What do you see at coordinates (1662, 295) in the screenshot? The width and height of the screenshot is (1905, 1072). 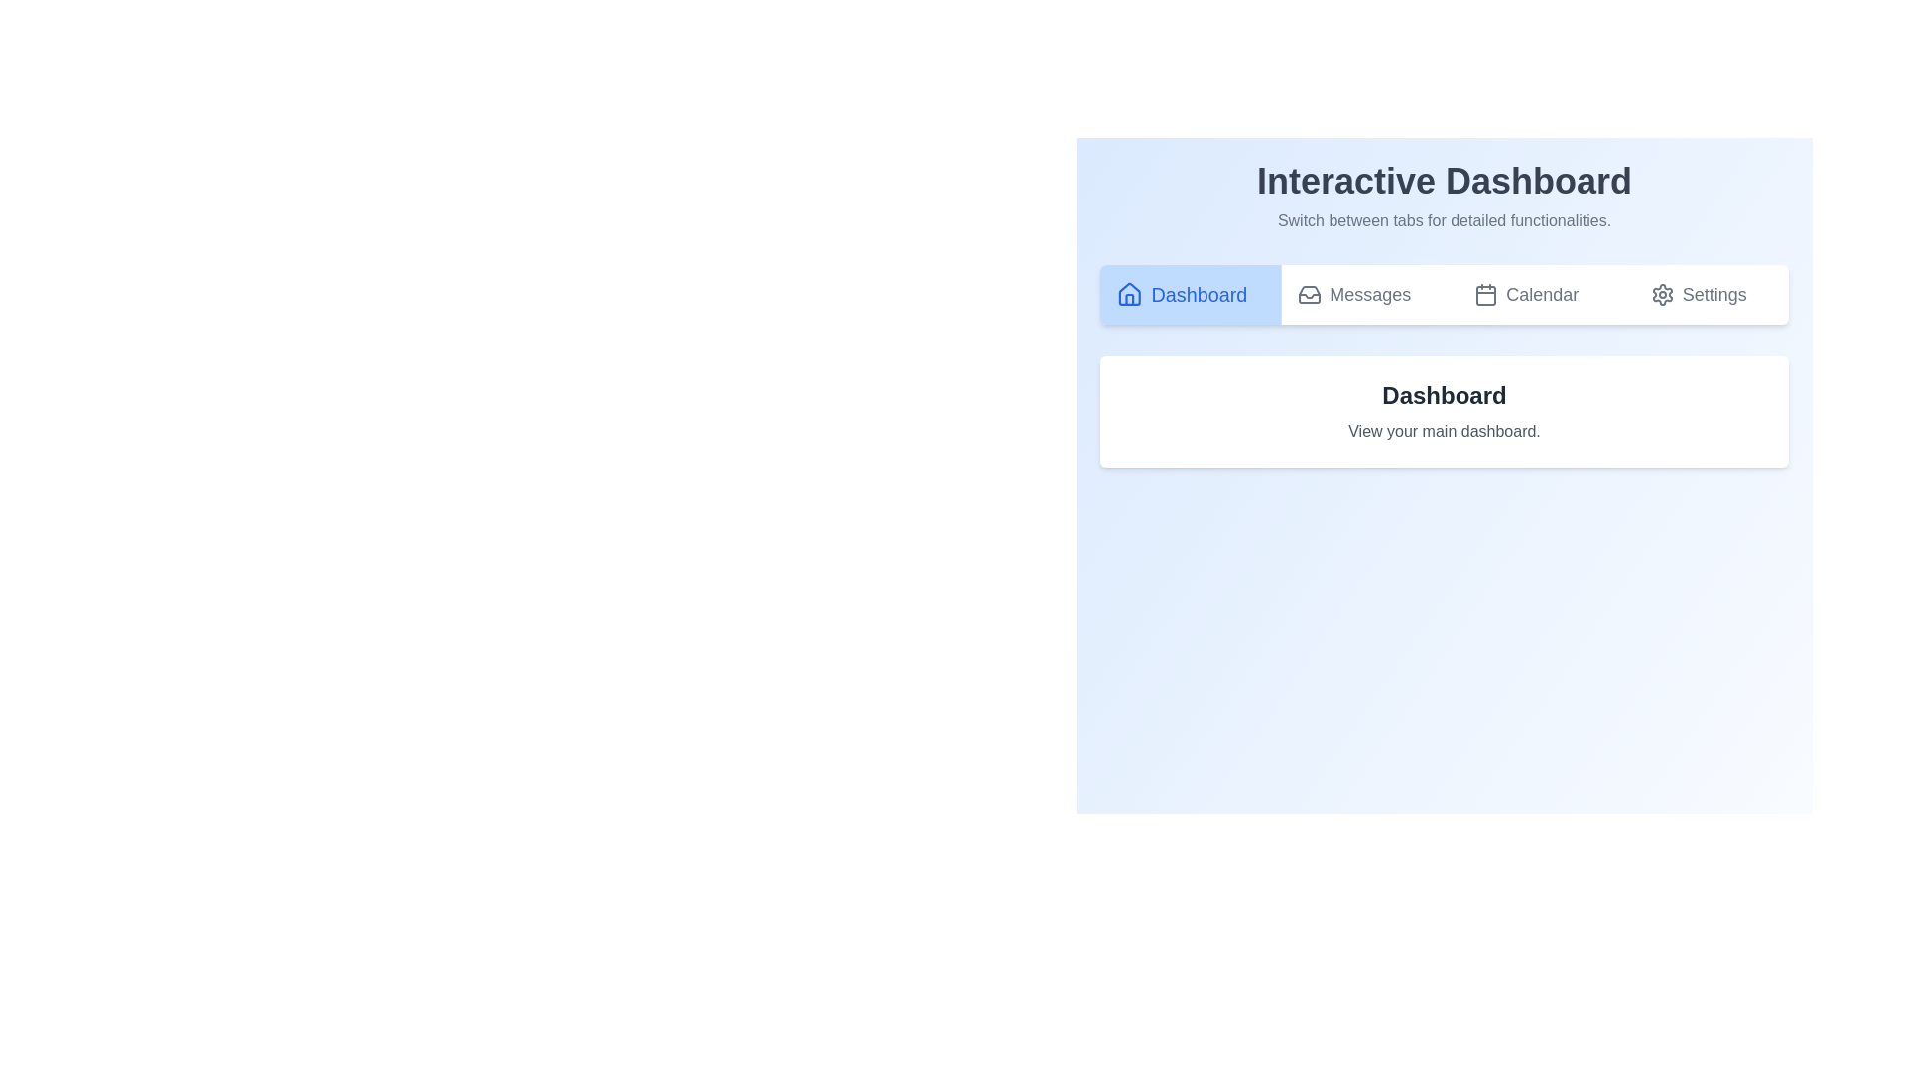 I see `the 'Settings' icon located on the right side of the top navigation bar, which visually represents the 'Settings' feature` at bounding box center [1662, 295].